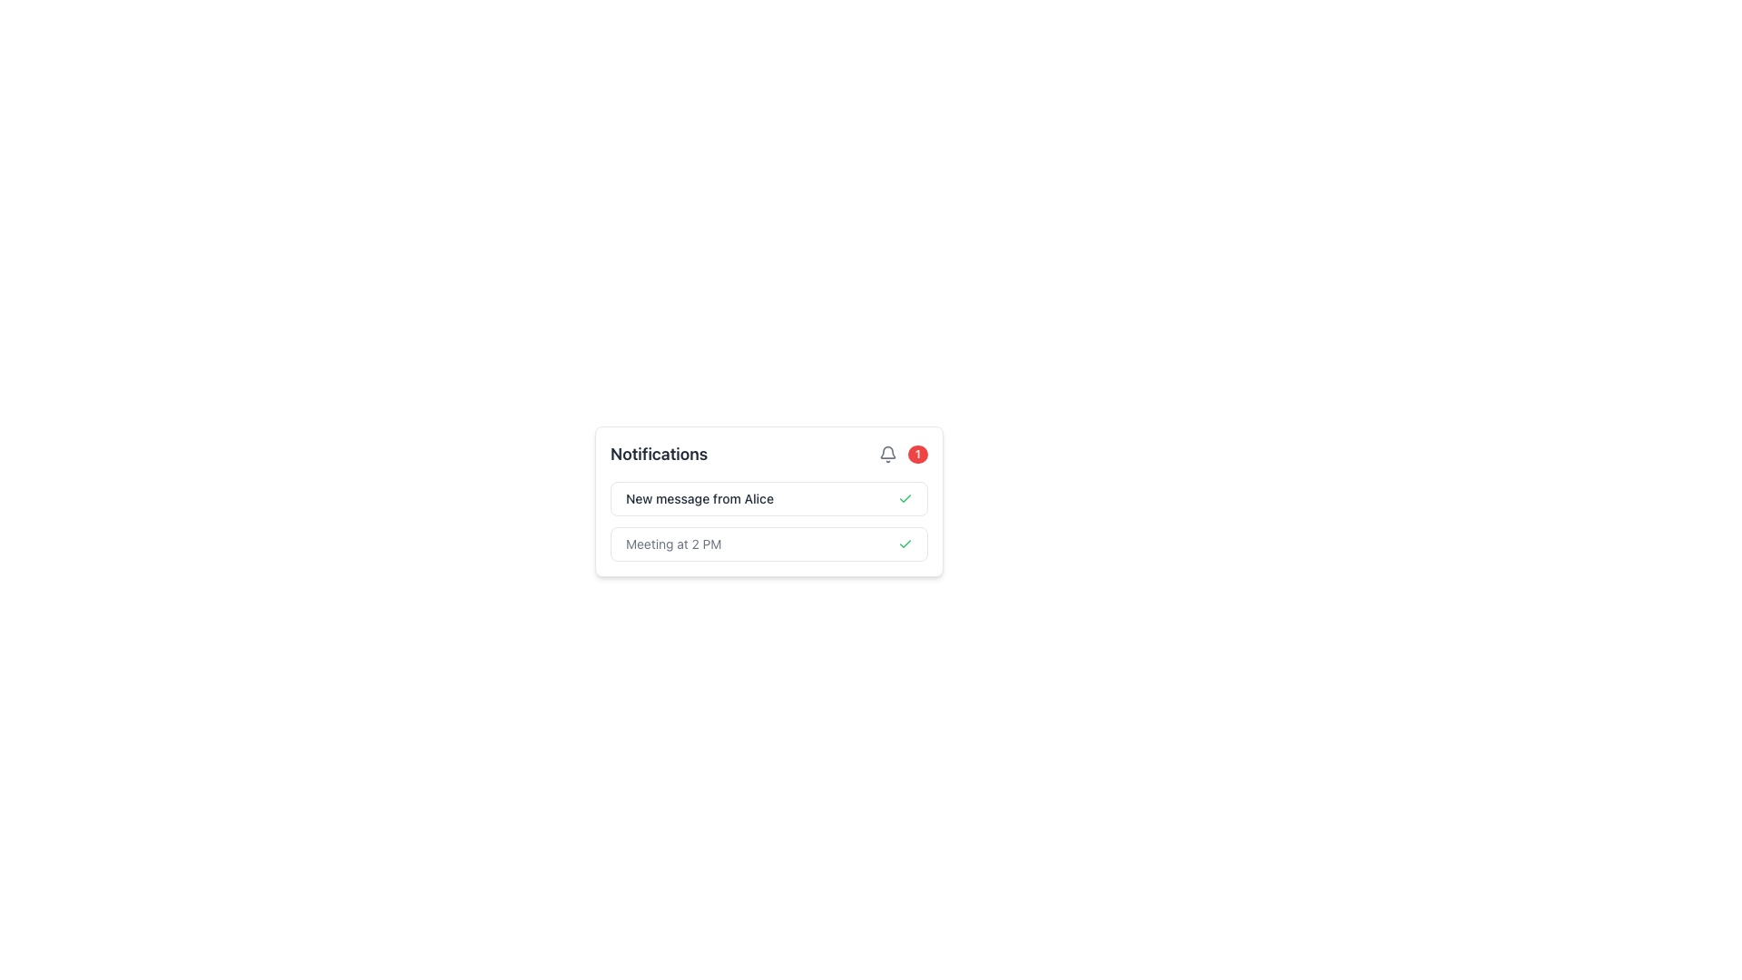 Image resolution: width=1742 pixels, height=980 pixels. I want to click on the confirmation icon associated with the notification 'New message from Alice', so click(905, 499).